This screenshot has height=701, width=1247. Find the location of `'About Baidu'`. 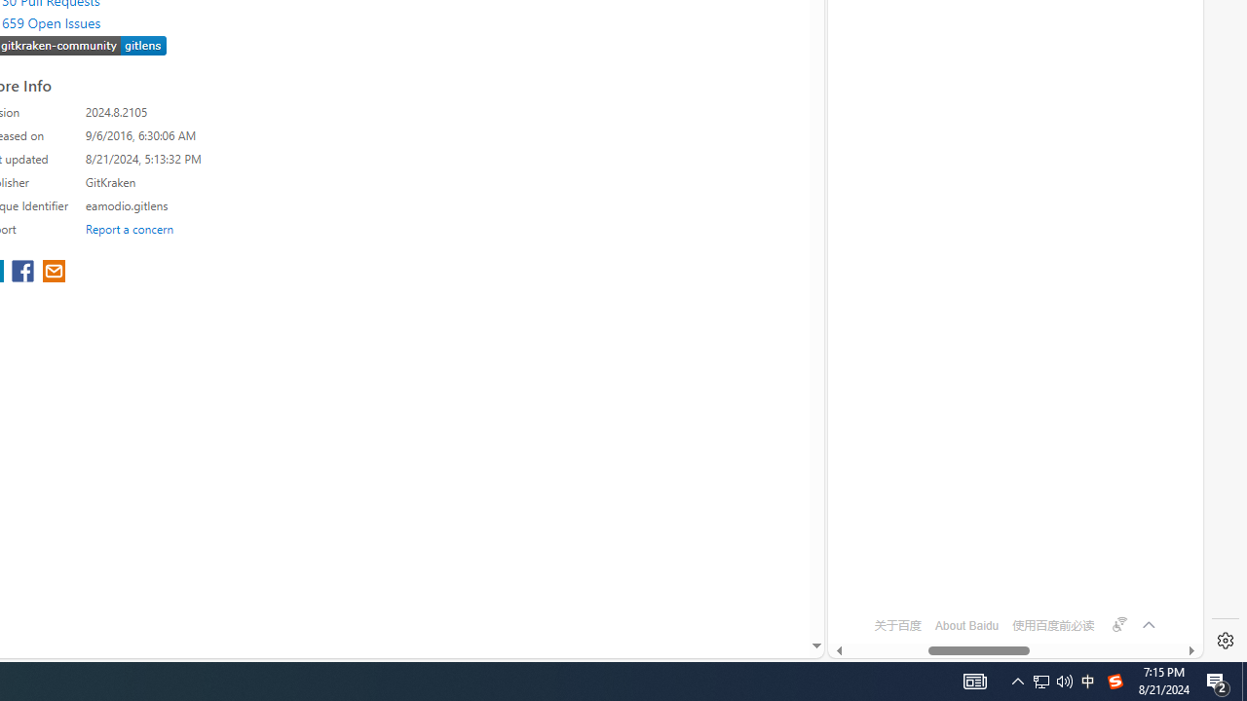

'About Baidu' is located at coordinates (966, 625).